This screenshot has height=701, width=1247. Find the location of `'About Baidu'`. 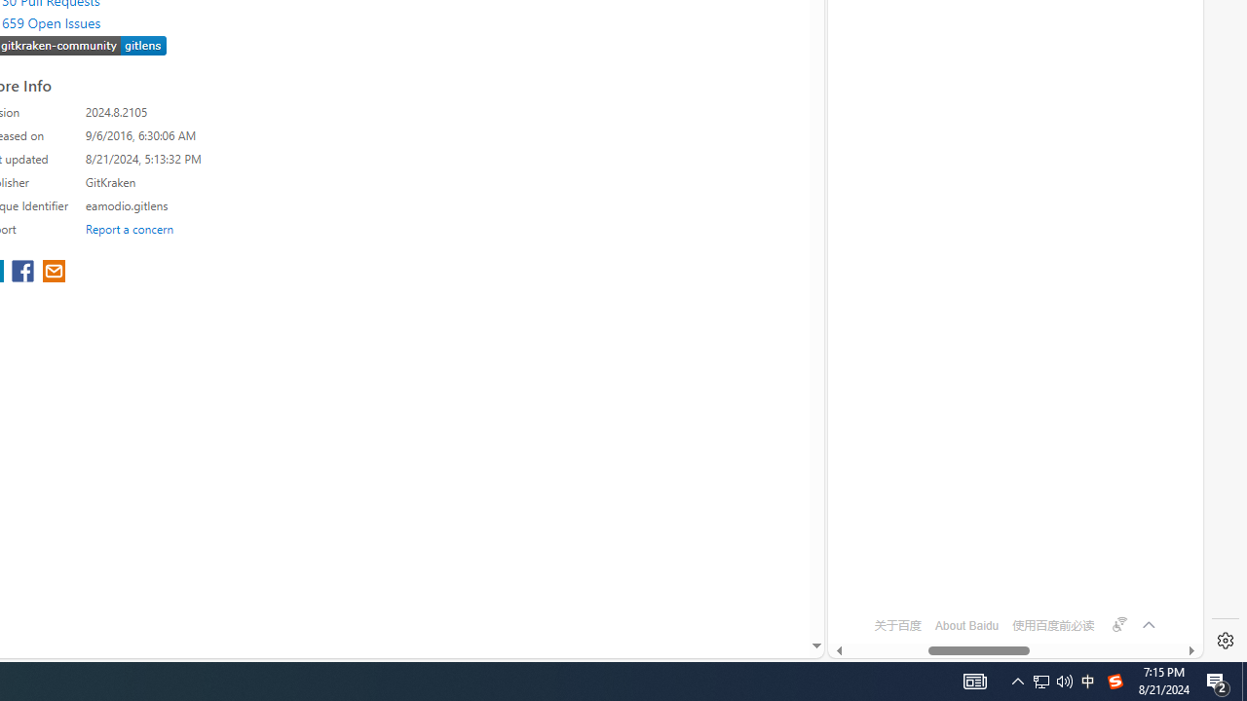

'About Baidu' is located at coordinates (966, 625).